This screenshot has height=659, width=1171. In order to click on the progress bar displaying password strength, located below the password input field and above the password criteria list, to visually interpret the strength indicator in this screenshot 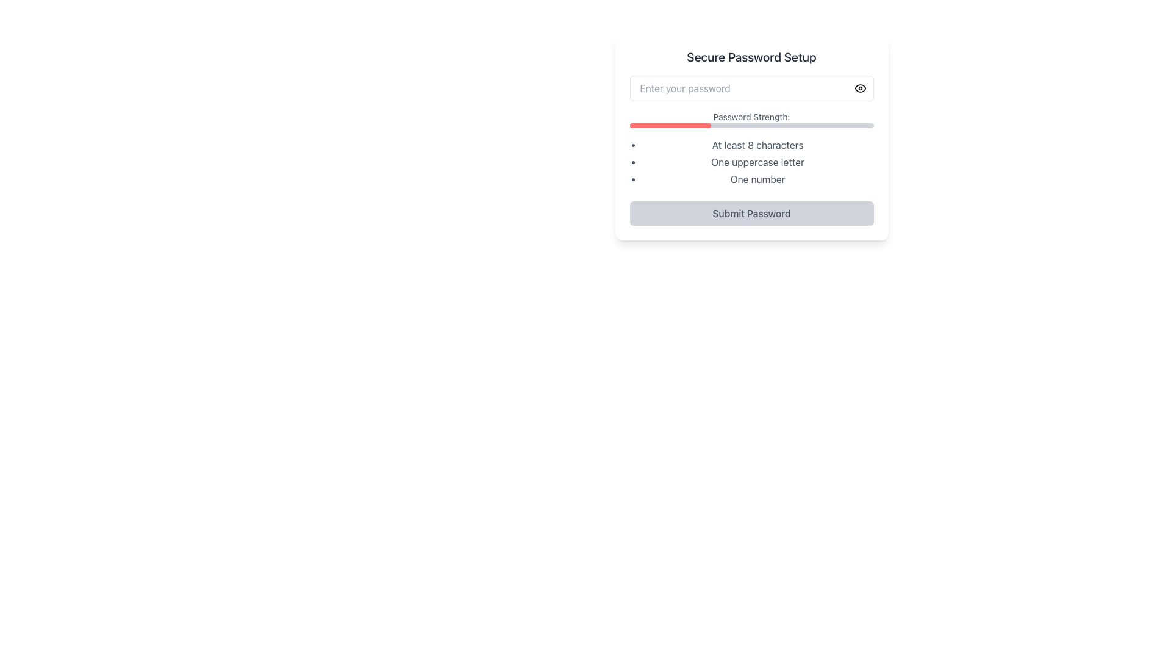, I will do `click(751, 120)`.